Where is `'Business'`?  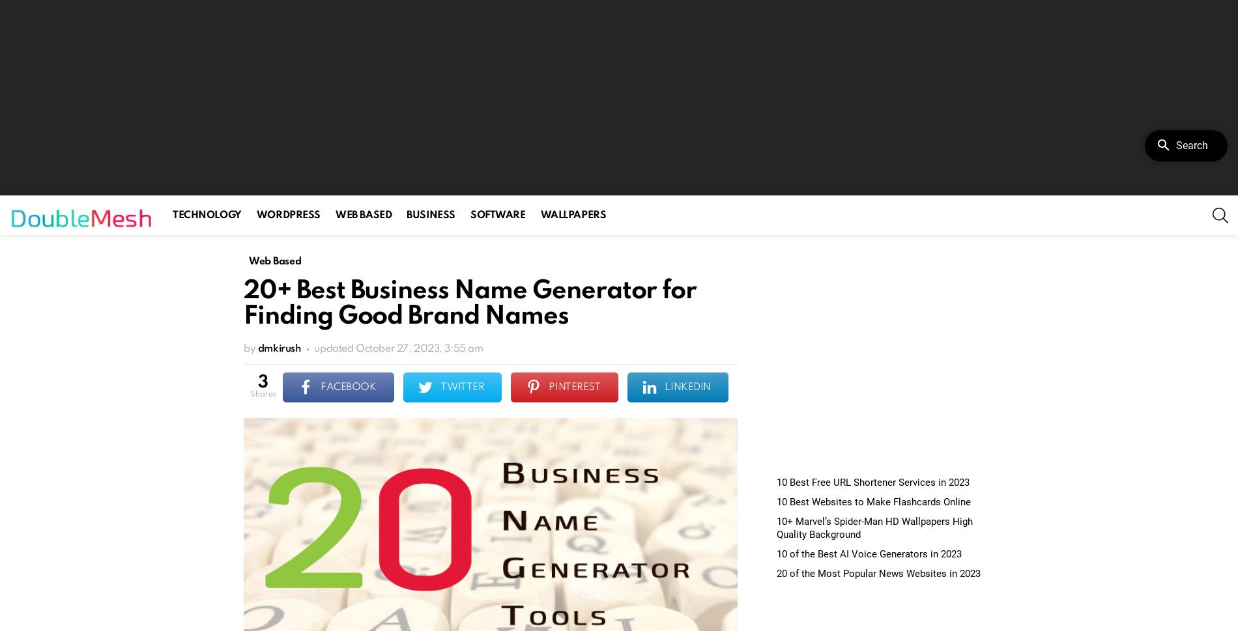
'Business' is located at coordinates (431, 214).